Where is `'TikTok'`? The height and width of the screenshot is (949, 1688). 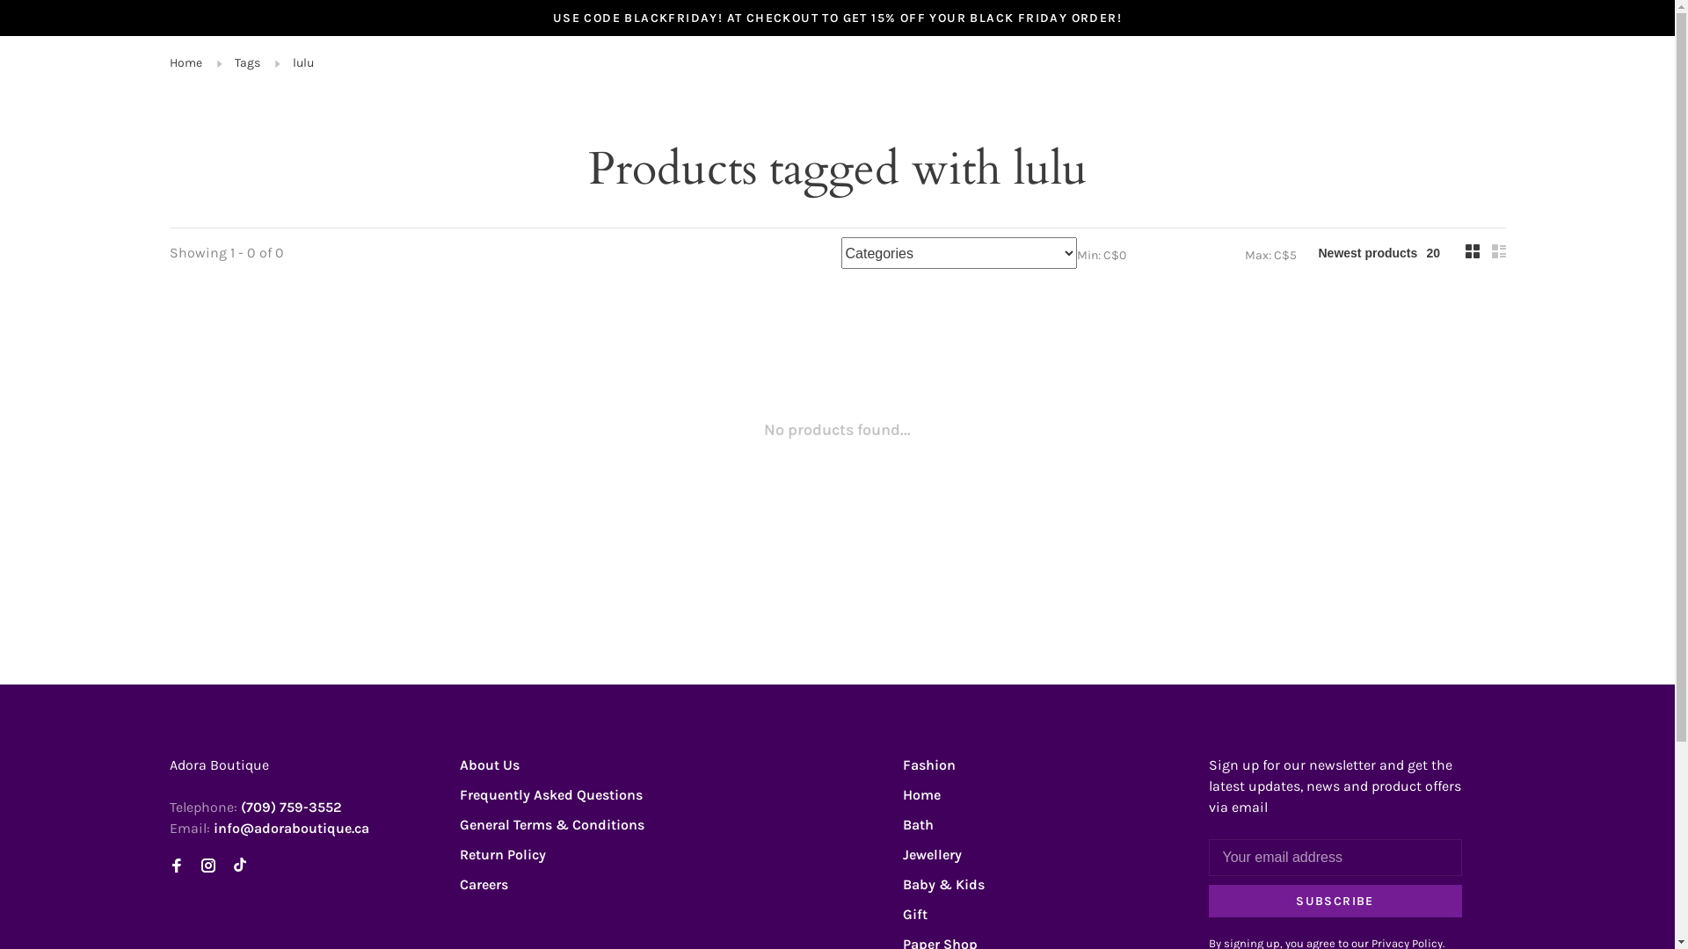 'TikTok' is located at coordinates (238, 866).